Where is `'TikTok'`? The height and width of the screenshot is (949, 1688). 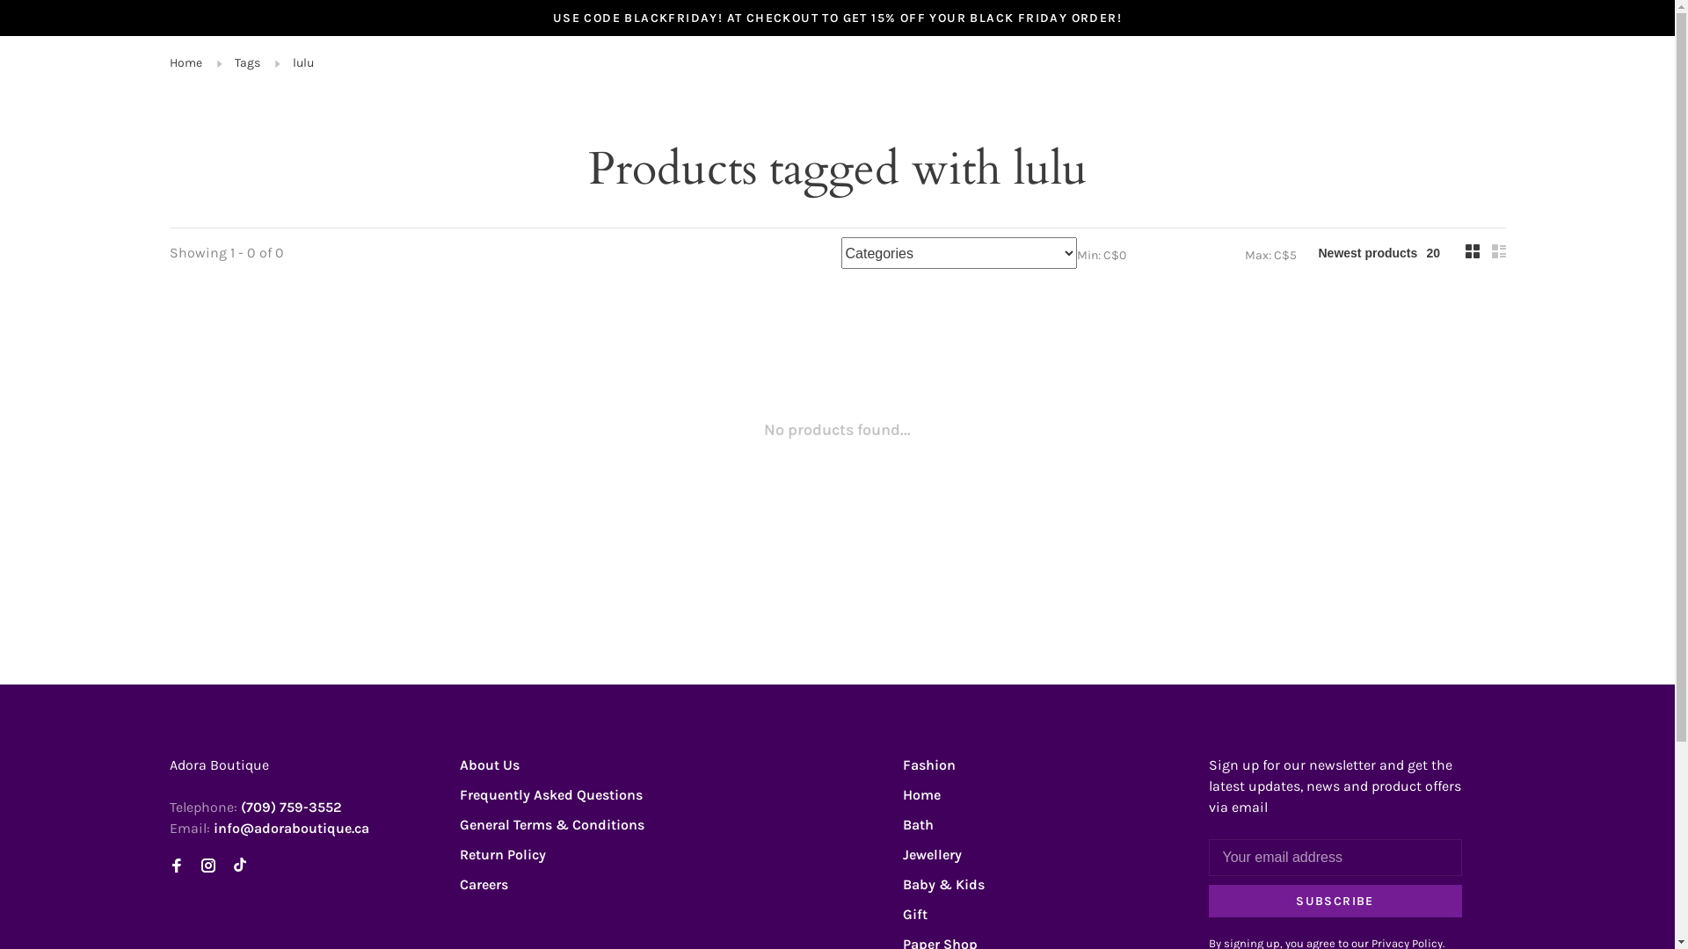 'TikTok' is located at coordinates (238, 866).